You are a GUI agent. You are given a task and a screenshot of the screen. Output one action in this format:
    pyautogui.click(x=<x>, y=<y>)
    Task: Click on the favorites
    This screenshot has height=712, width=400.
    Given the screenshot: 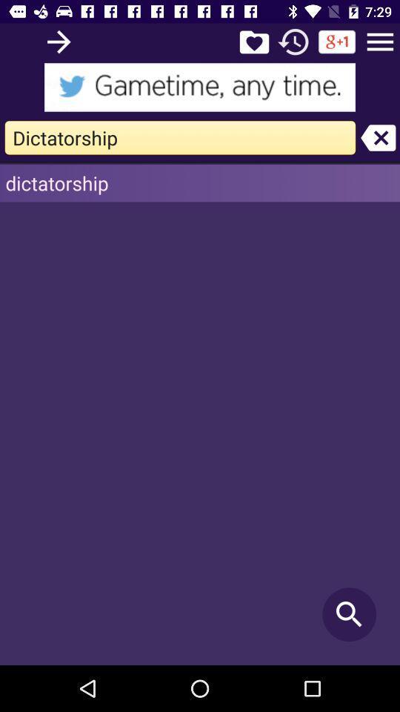 What is the action you would take?
    pyautogui.click(x=253, y=41)
    